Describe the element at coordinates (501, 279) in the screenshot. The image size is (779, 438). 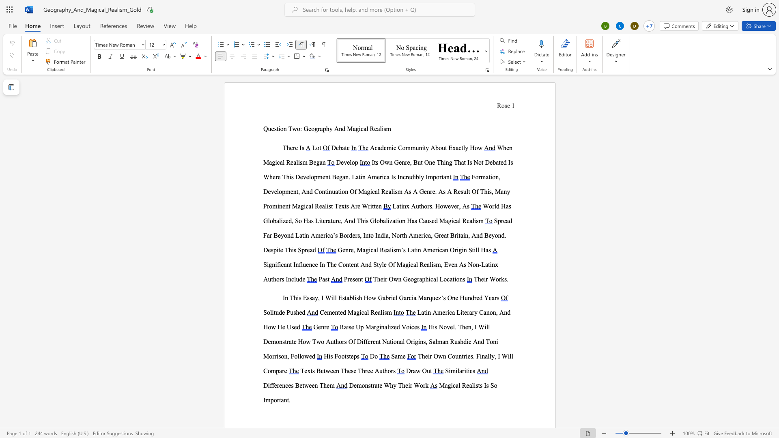
I see `the space between the continuous character "r" and "k" in the text` at that location.